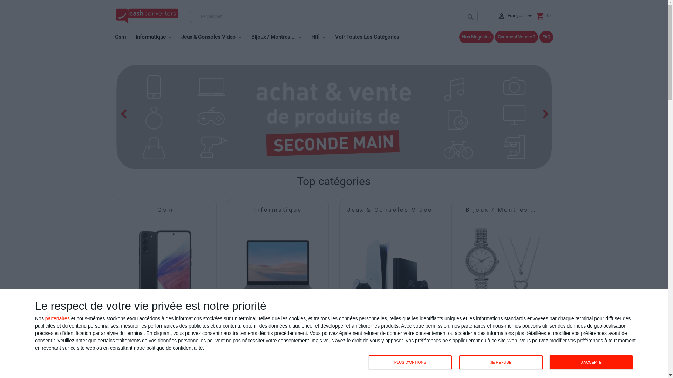 This screenshot has height=378, width=673. I want to click on 'Jeux & Consoles Video', so click(215, 35).